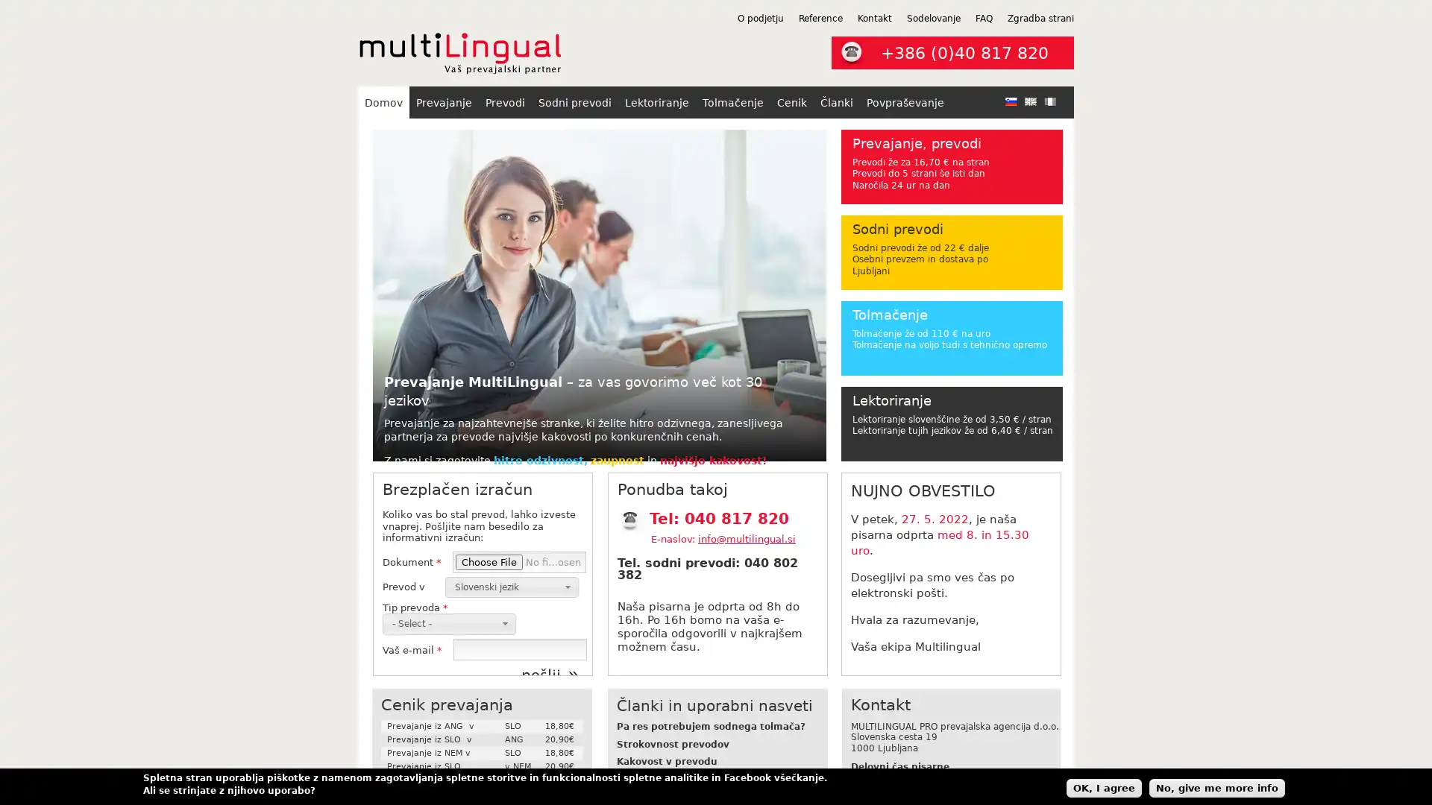 The width and height of the screenshot is (1432, 805). I want to click on Choose File, so click(489, 561).